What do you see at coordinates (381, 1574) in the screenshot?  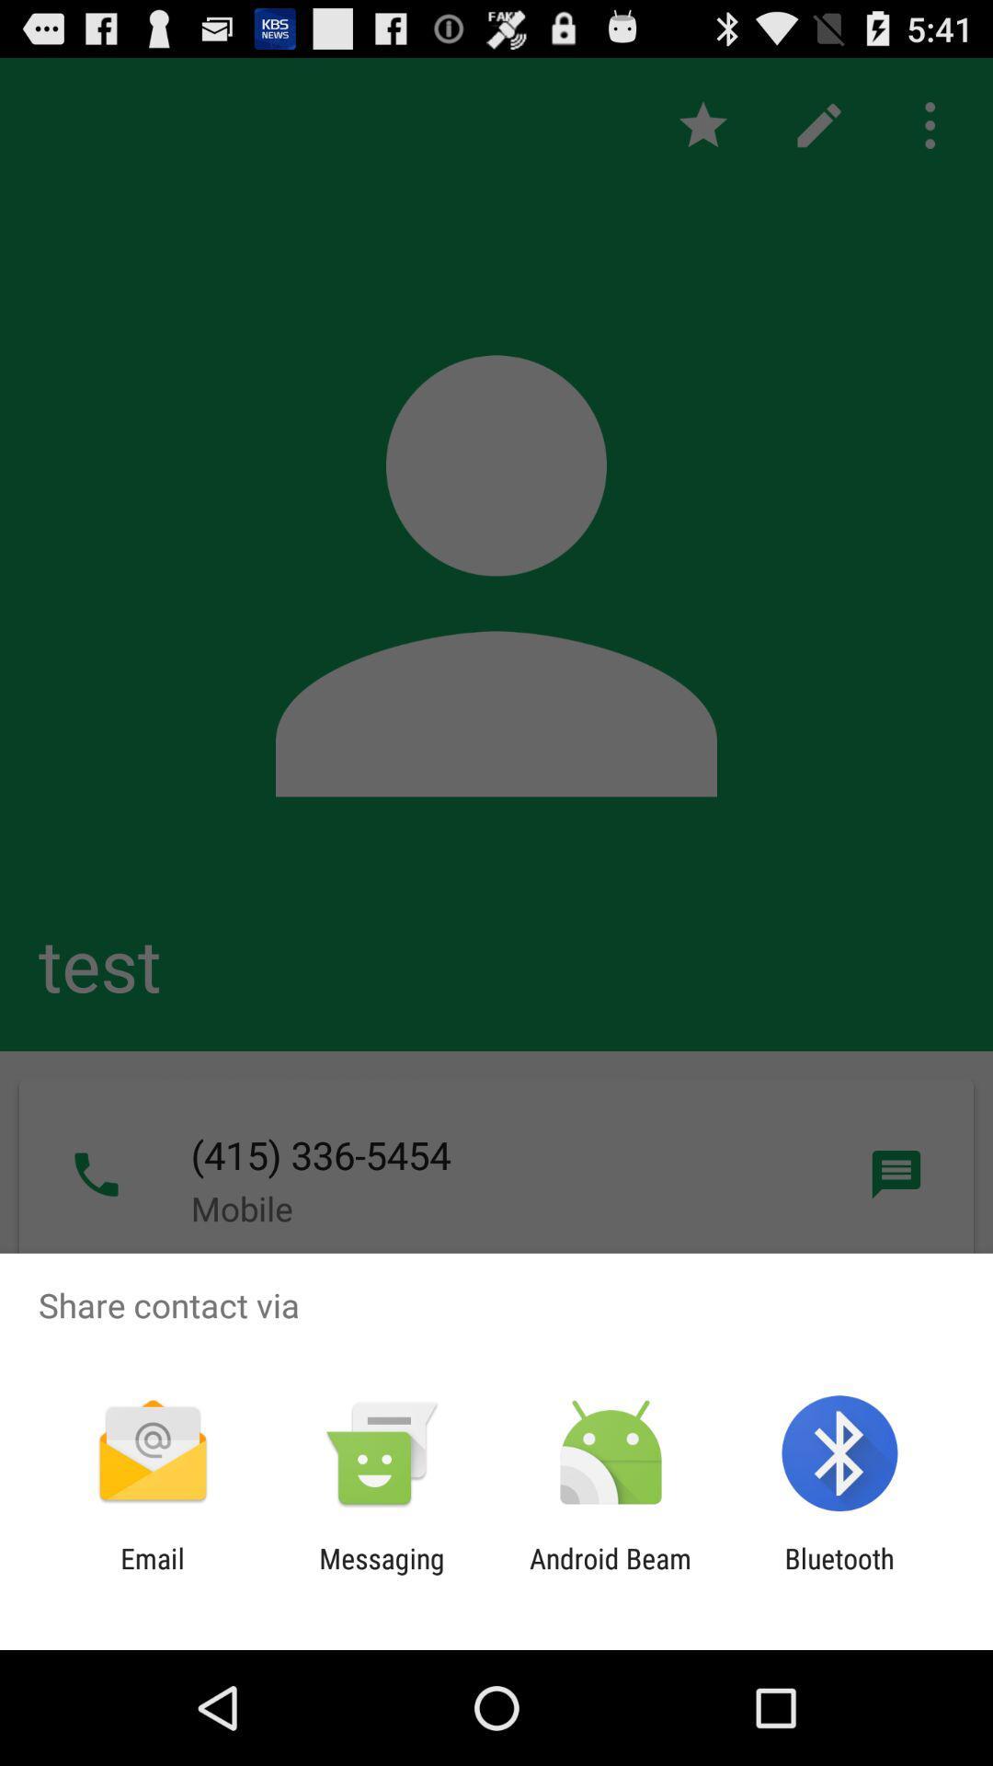 I see `the icon next to the email icon` at bounding box center [381, 1574].